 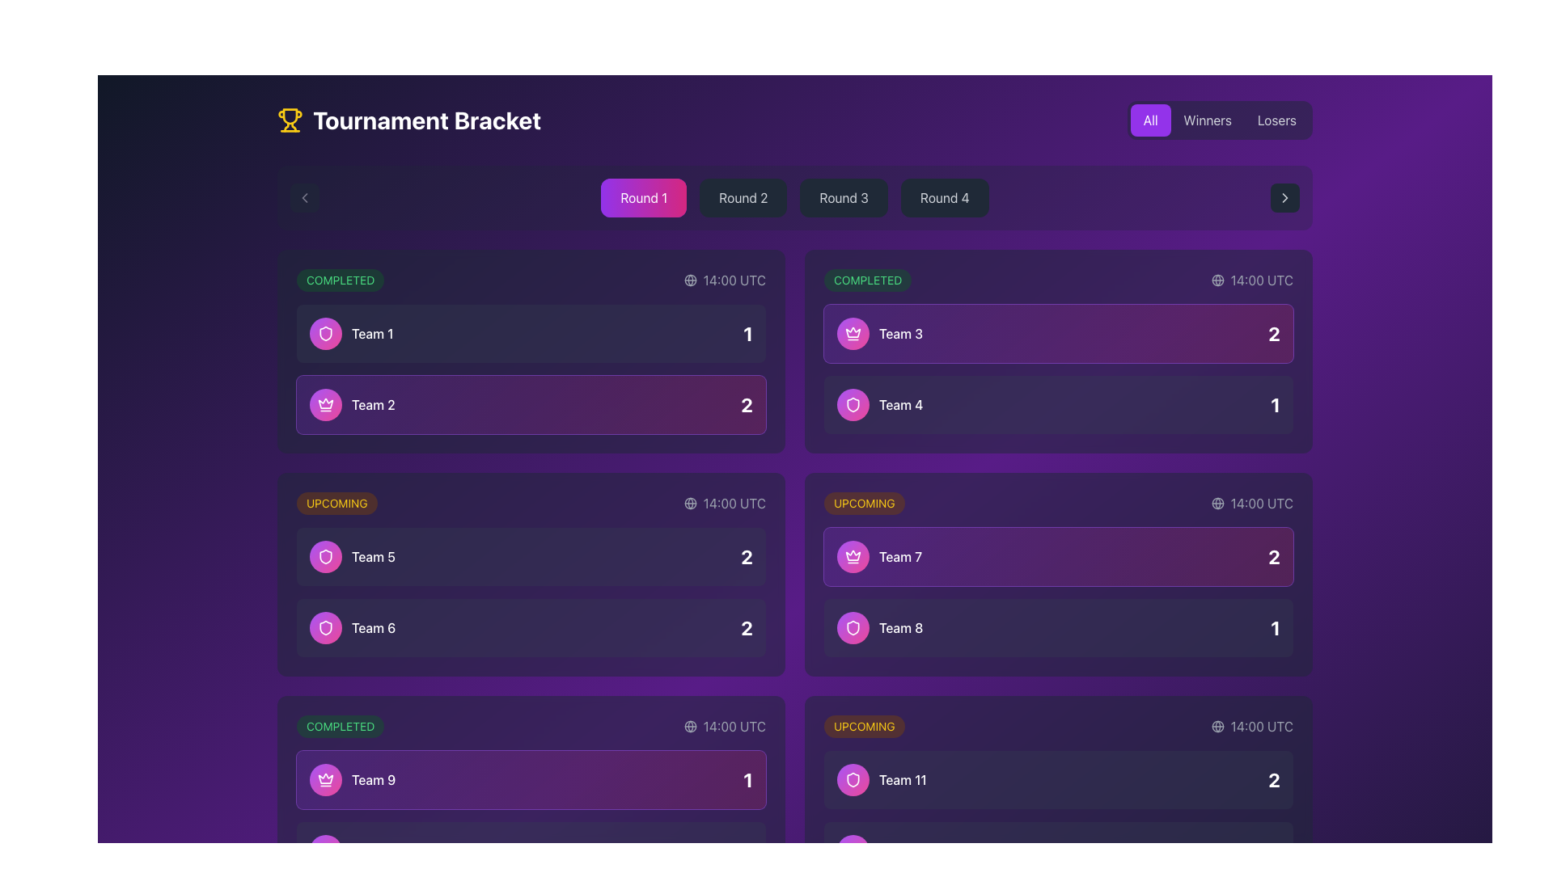 What do you see at coordinates (1261, 725) in the screenshot?
I see `scheduled time displayed in the Text label located in the bottom right portion of the match block, adjacent to a globe icon` at bounding box center [1261, 725].